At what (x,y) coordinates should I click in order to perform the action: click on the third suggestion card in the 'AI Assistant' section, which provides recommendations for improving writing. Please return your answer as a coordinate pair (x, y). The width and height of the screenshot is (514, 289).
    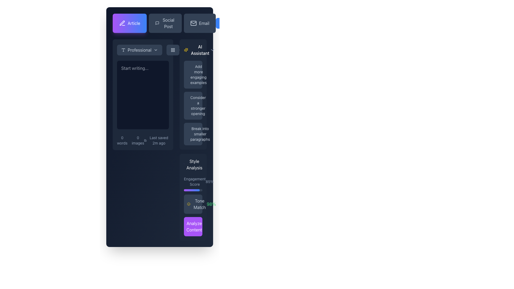
    Looking at the image, I should click on (193, 134).